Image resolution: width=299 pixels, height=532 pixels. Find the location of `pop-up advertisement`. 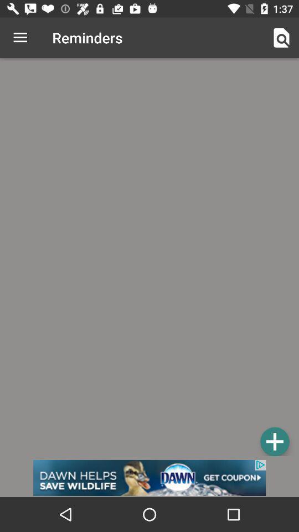

pop-up advertisement is located at coordinates (149, 477).